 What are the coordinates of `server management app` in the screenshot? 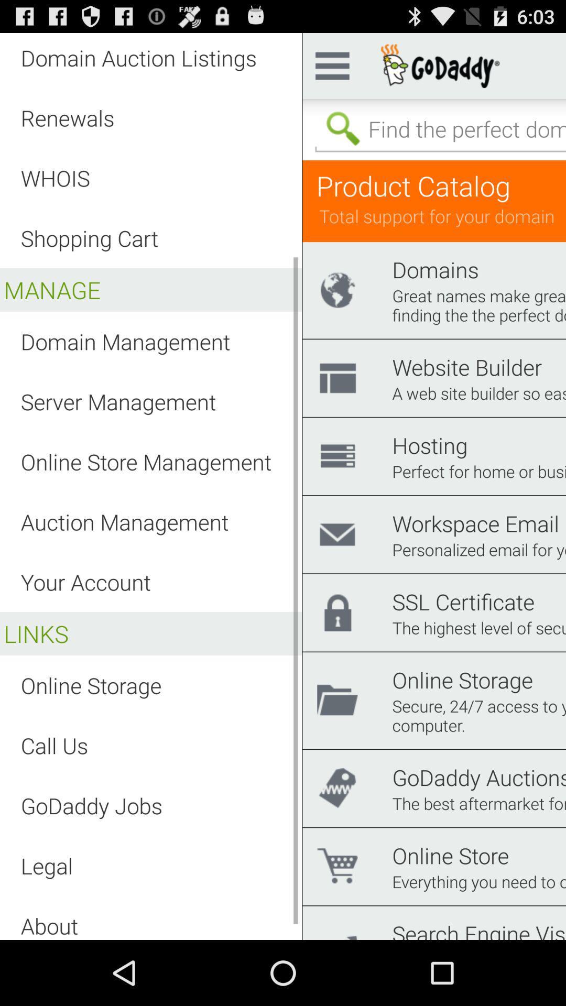 It's located at (118, 401).